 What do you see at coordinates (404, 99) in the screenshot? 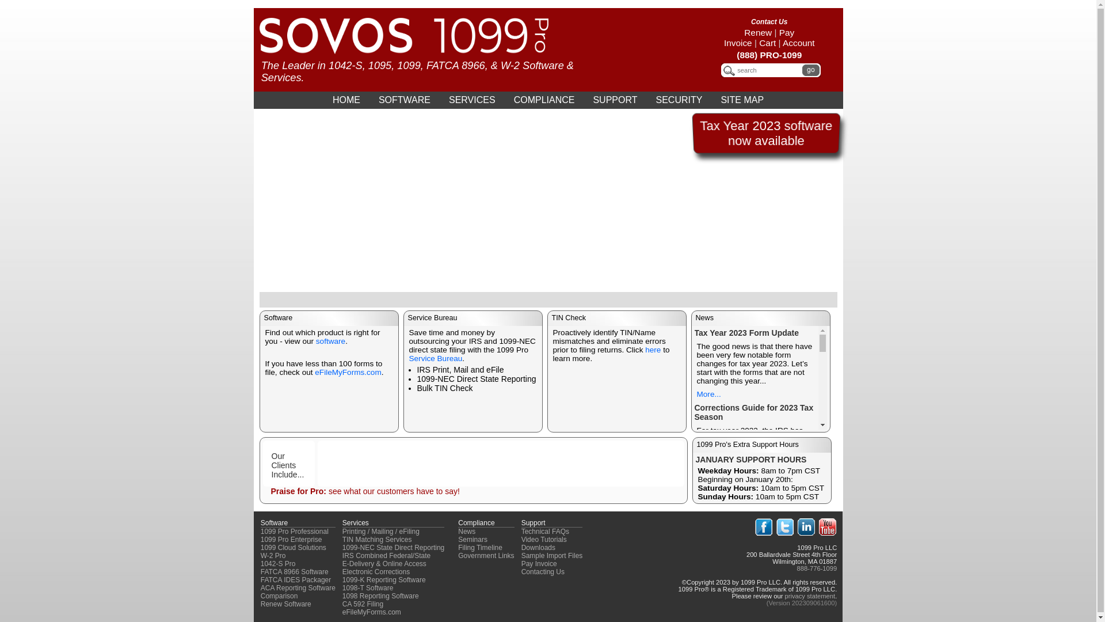
I see `'SOFTWARE'` at bounding box center [404, 99].